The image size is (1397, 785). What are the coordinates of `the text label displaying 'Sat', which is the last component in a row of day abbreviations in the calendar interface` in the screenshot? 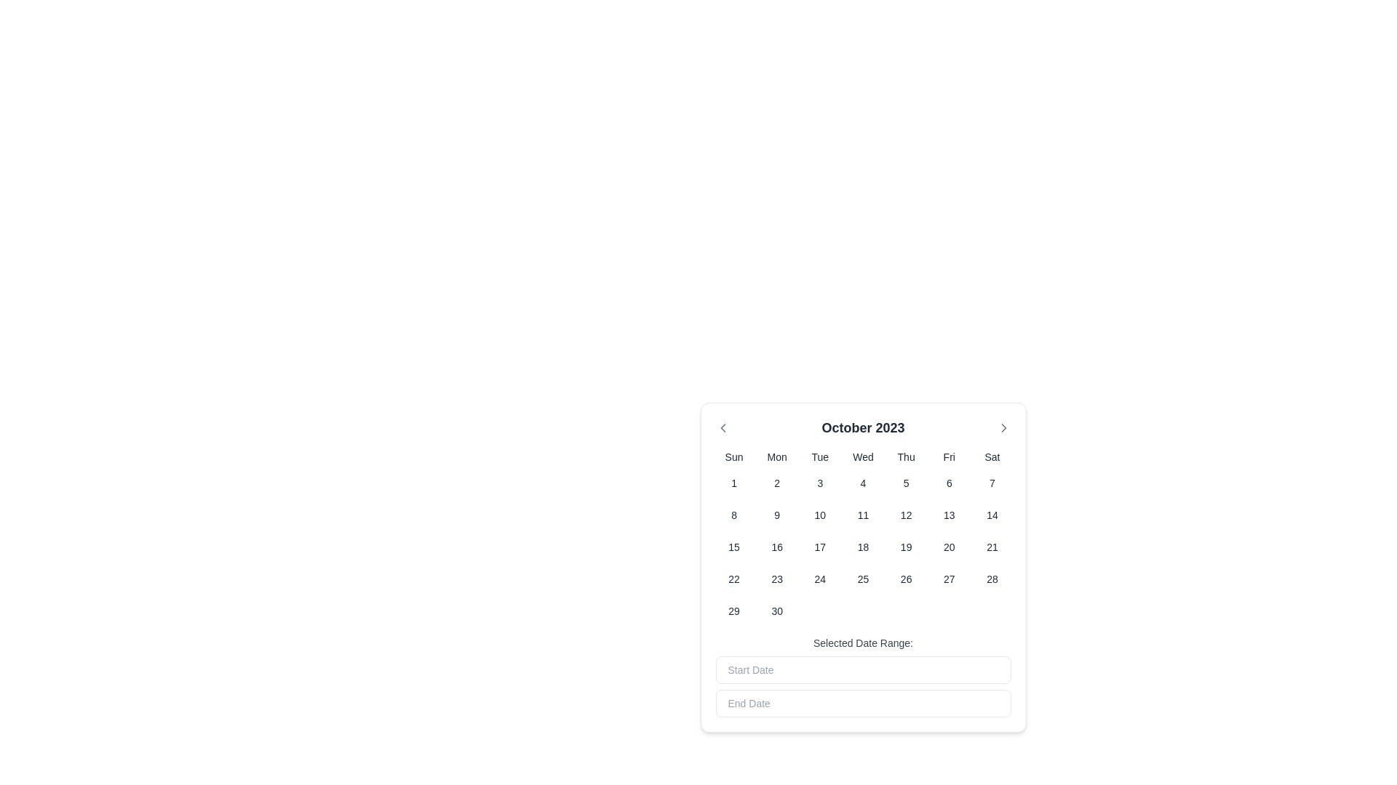 It's located at (991, 456).